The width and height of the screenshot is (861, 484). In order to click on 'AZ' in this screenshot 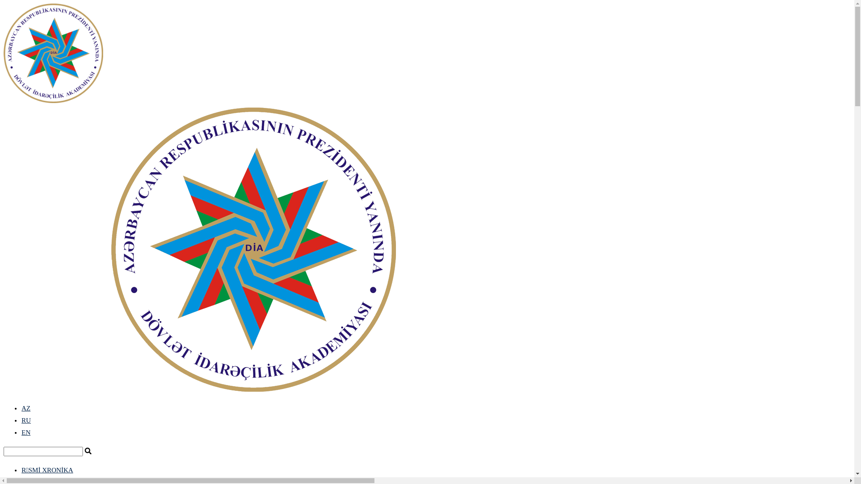, I will do `click(22, 408)`.